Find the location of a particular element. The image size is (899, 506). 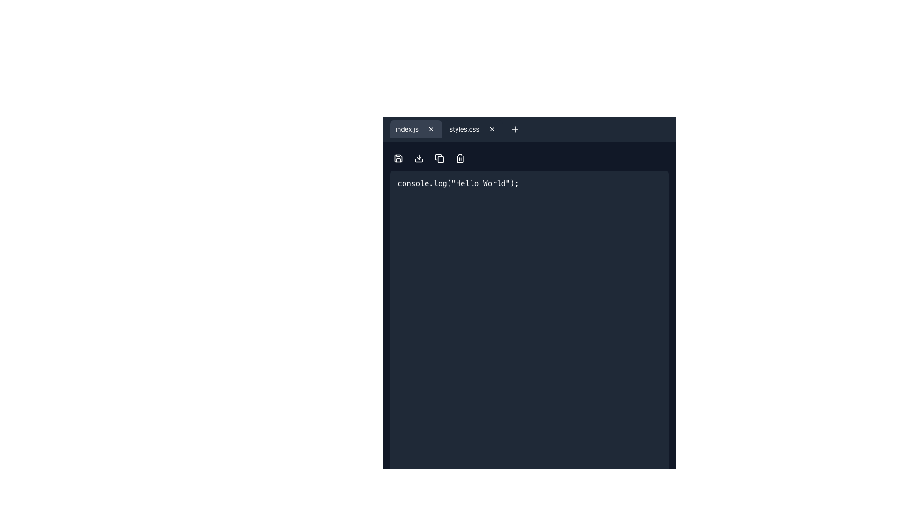

the download button with a circular background and a download icon is located at coordinates (418, 158).